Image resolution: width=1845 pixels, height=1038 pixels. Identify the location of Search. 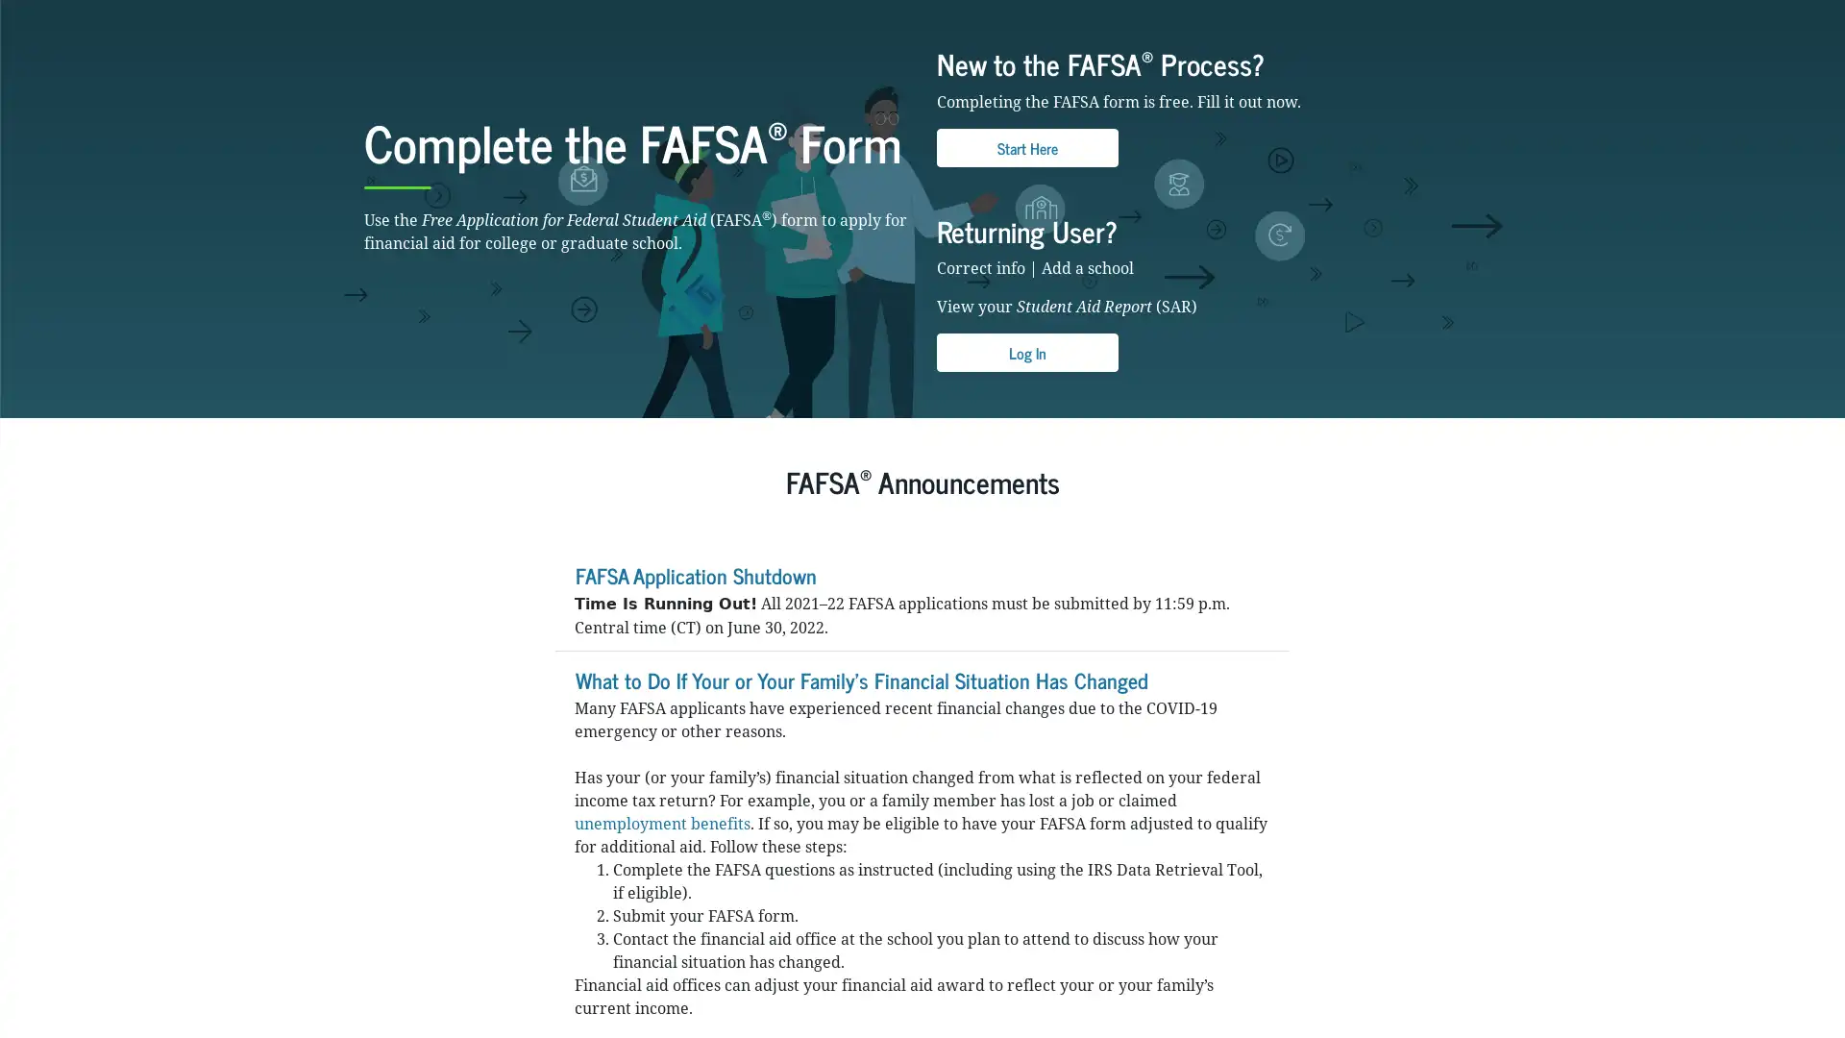
(1207, 66).